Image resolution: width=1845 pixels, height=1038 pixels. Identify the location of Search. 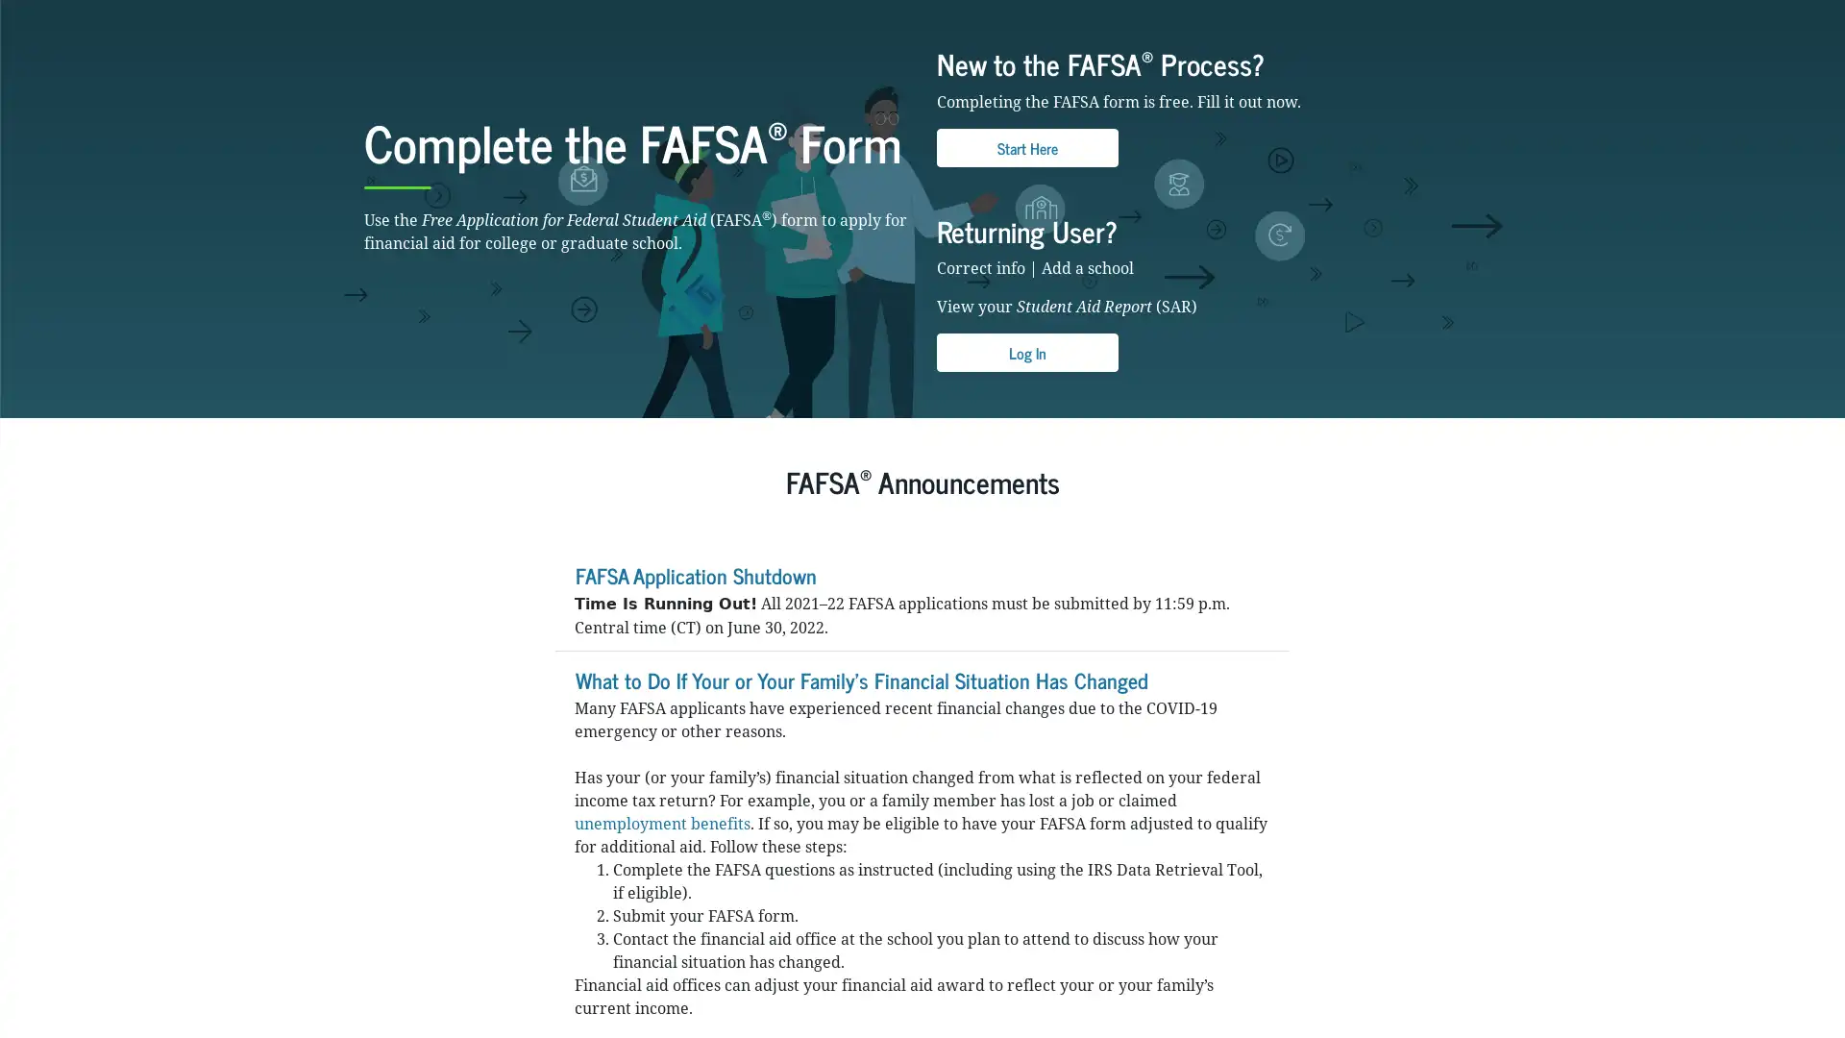
(1207, 66).